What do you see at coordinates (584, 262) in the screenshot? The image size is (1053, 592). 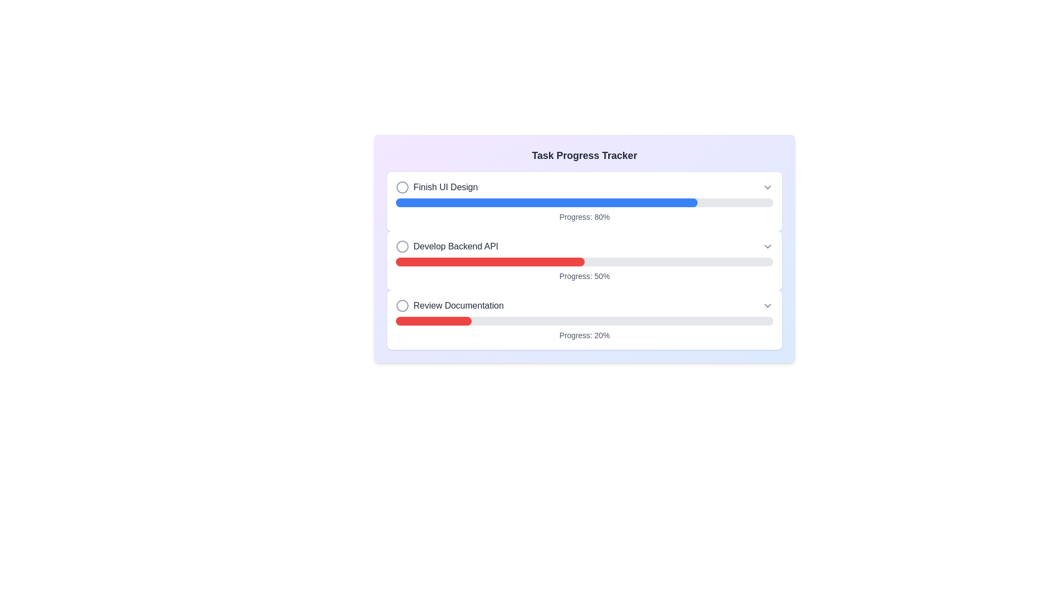 I see `the progress bar indicating 50% completion within the 'Develop Backend API' task section of the task progress tracker interface` at bounding box center [584, 262].